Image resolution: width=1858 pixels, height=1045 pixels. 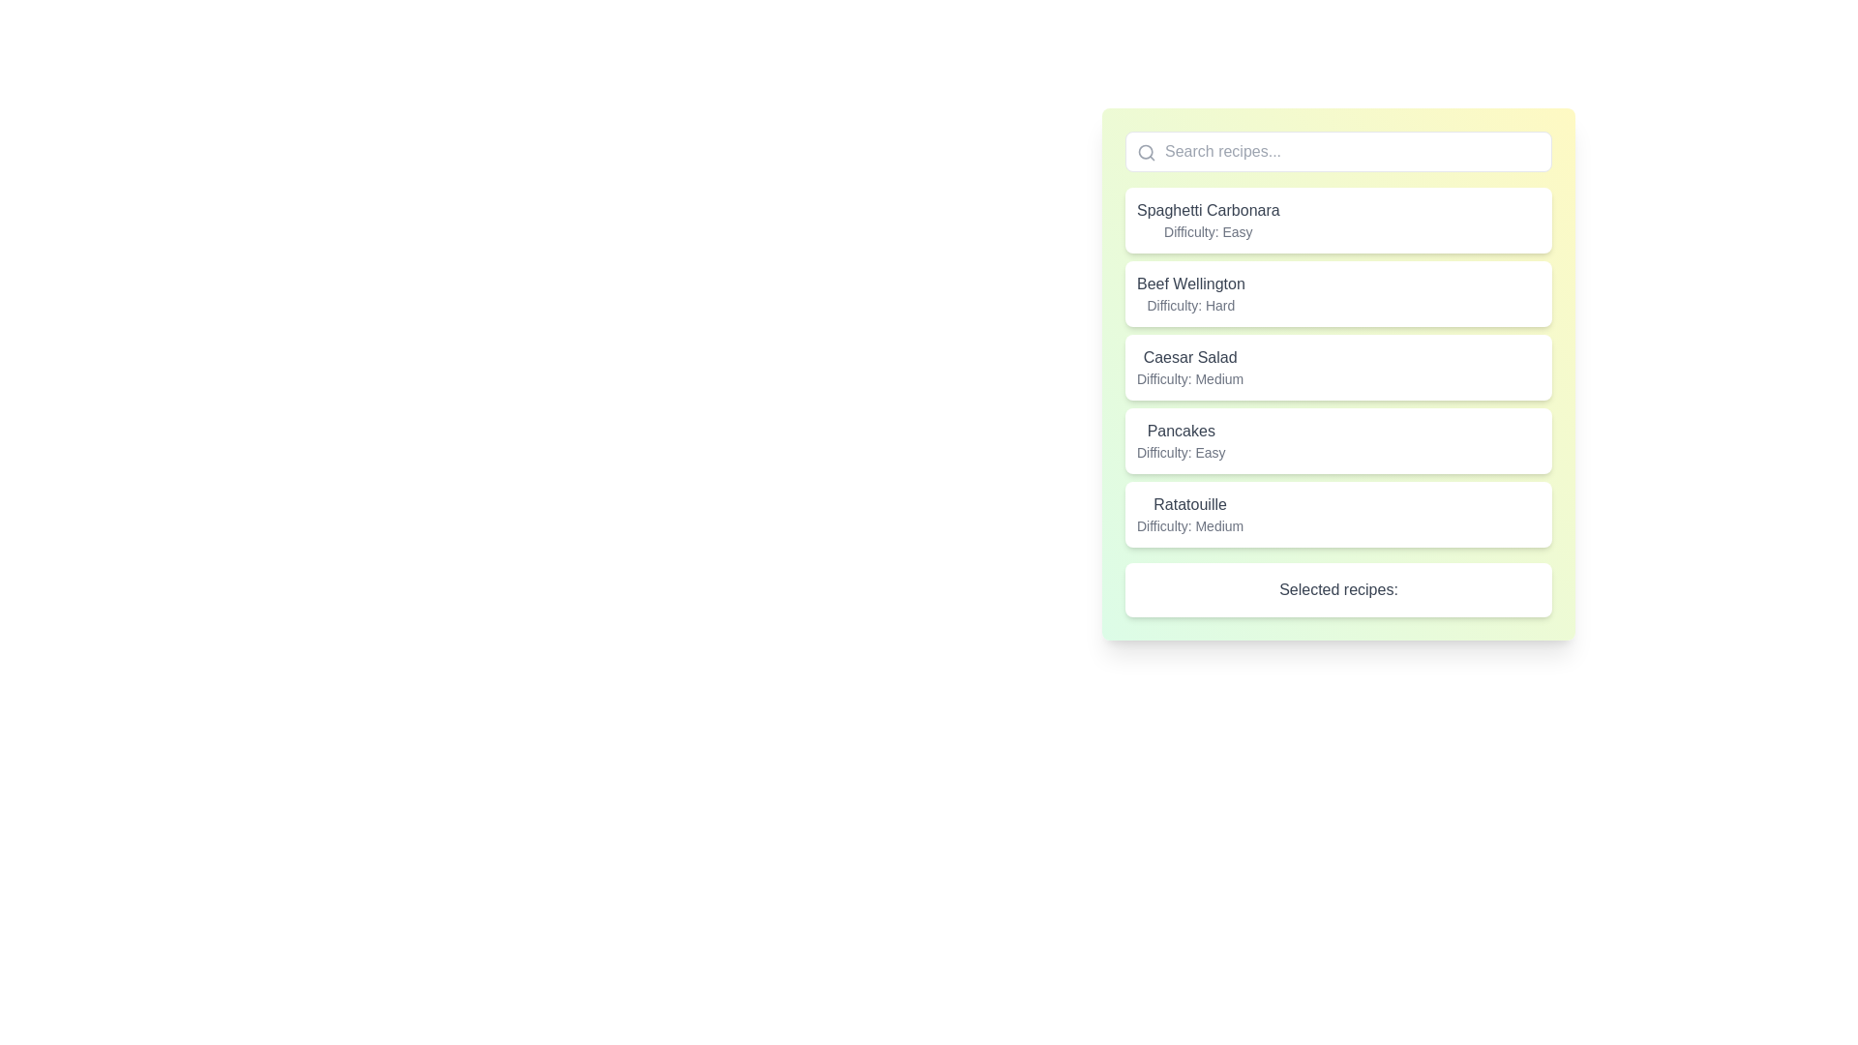 I want to click on the 'Caesar Salad' list item, which is the third entry, so click(x=1337, y=368).